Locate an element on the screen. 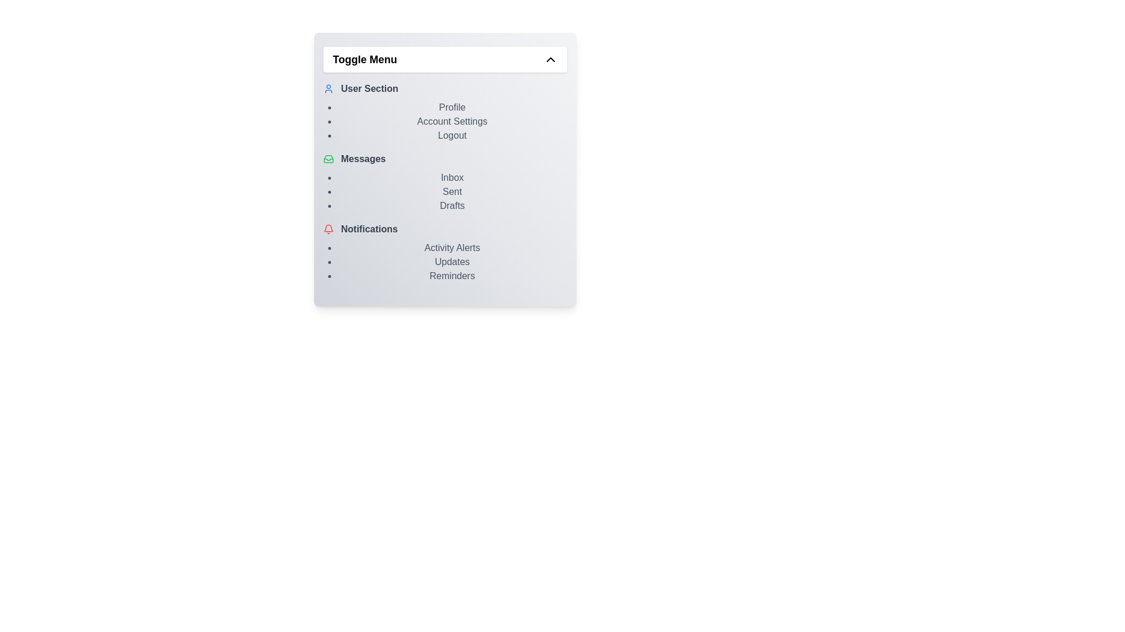  the section title Notifications to expand or collapse its contents is located at coordinates (444, 229).